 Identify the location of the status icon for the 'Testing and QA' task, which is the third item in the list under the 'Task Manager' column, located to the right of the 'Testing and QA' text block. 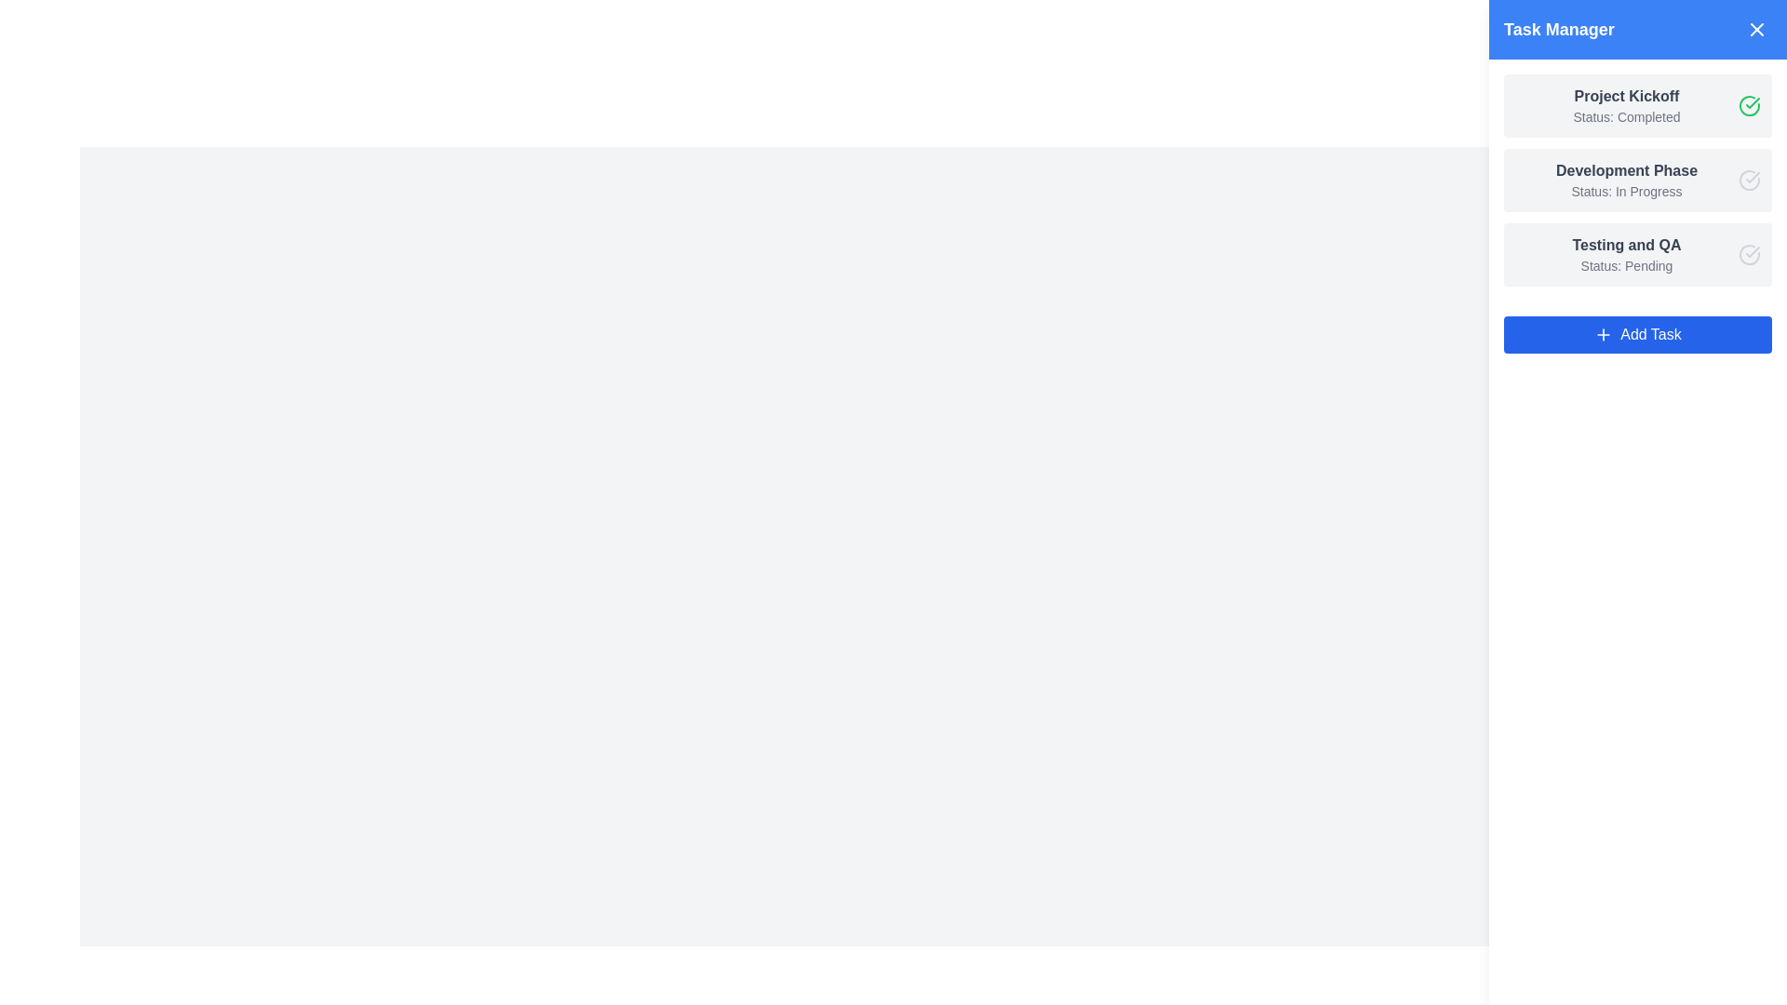
(1749, 254).